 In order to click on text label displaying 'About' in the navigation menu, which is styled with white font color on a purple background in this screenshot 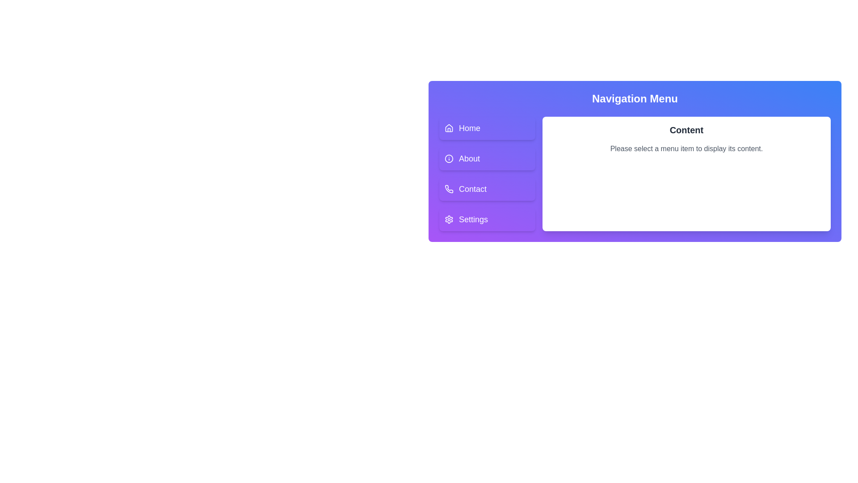, I will do `click(469, 158)`.